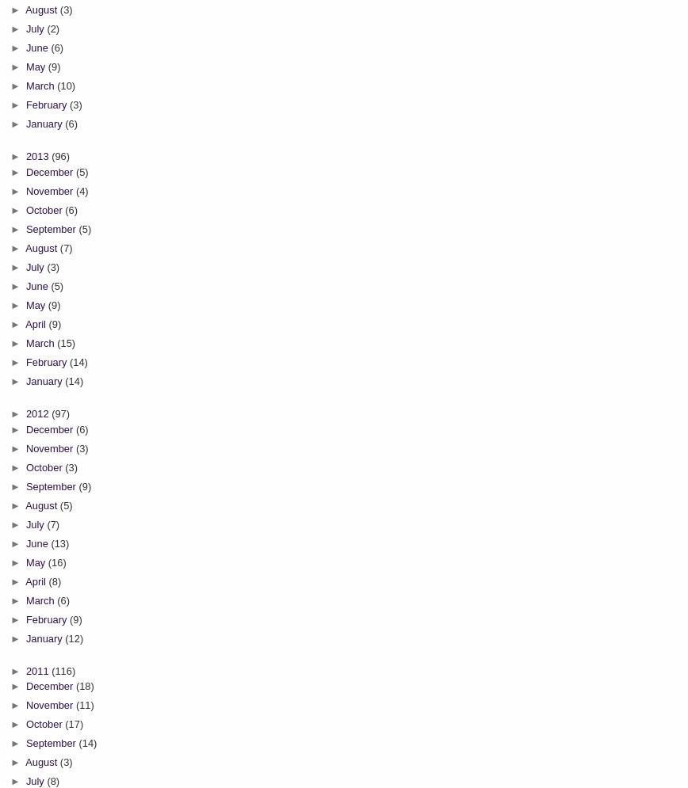 The width and height of the screenshot is (688, 788). I want to click on '(4)', so click(82, 190).